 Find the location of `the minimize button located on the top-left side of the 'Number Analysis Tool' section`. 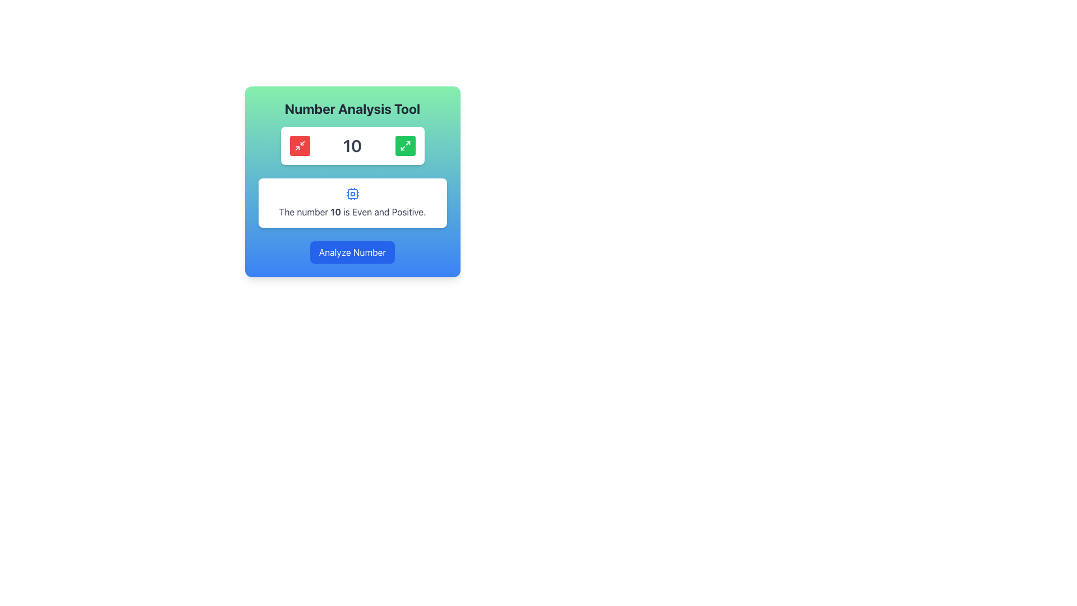

the minimize button located on the top-left side of the 'Number Analysis Tool' section is located at coordinates (300, 145).